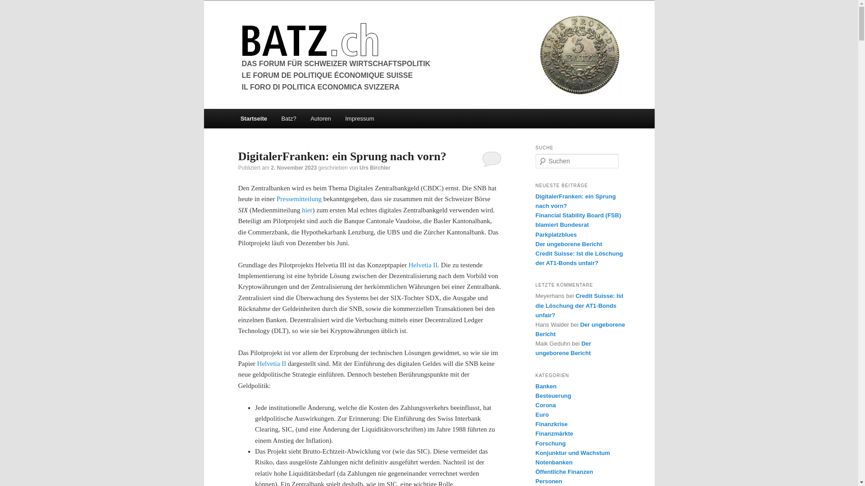 The width and height of the screenshot is (865, 486). What do you see at coordinates (375, 168) in the screenshot?
I see `'Urs Birchler'` at bounding box center [375, 168].